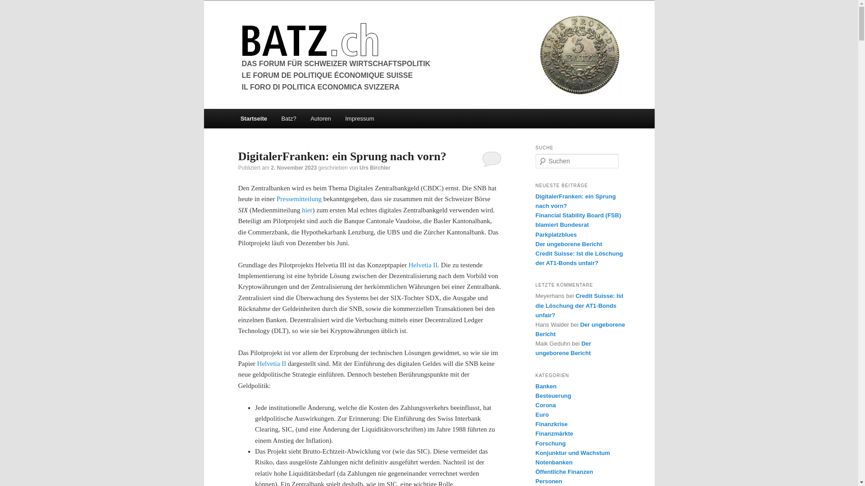 The width and height of the screenshot is (865, 486). What do you see at coordinates (375, 168) in the screenshot?
I see `'Urs Birchler'` at bounding box center [375, 168].